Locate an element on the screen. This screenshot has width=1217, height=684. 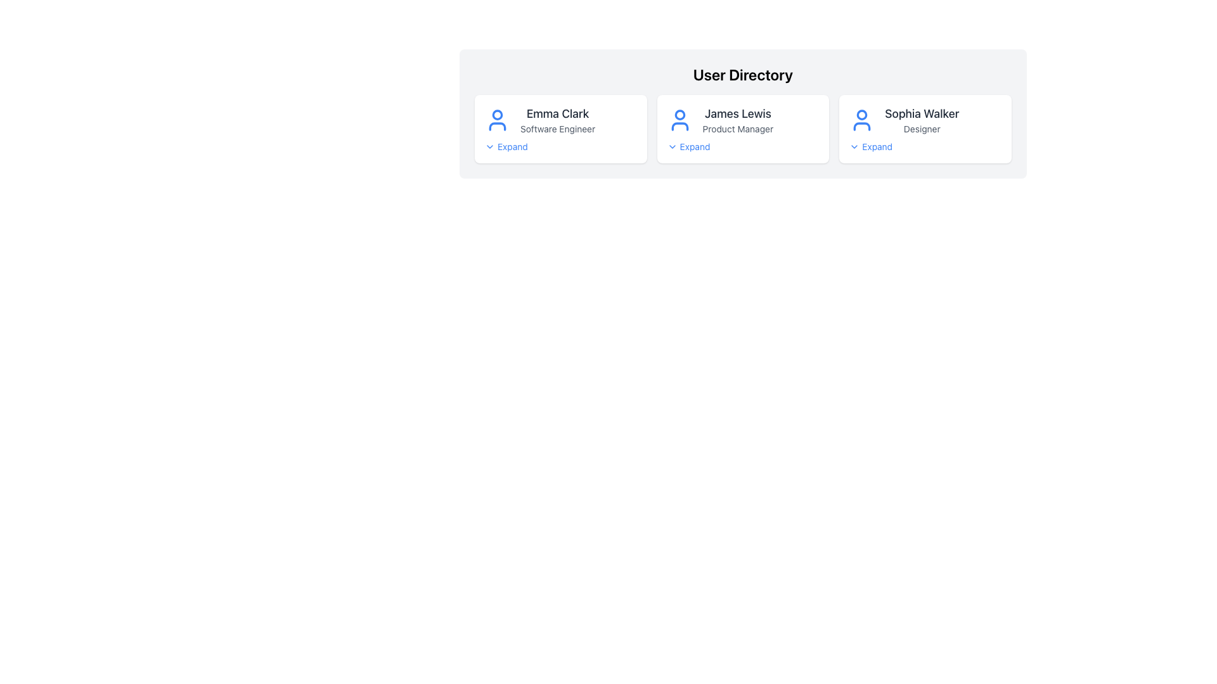
the circular outline at the top of the blue user avatar icon representing Emma Clark to enlarge the user card is located at coordinates (497, 115).